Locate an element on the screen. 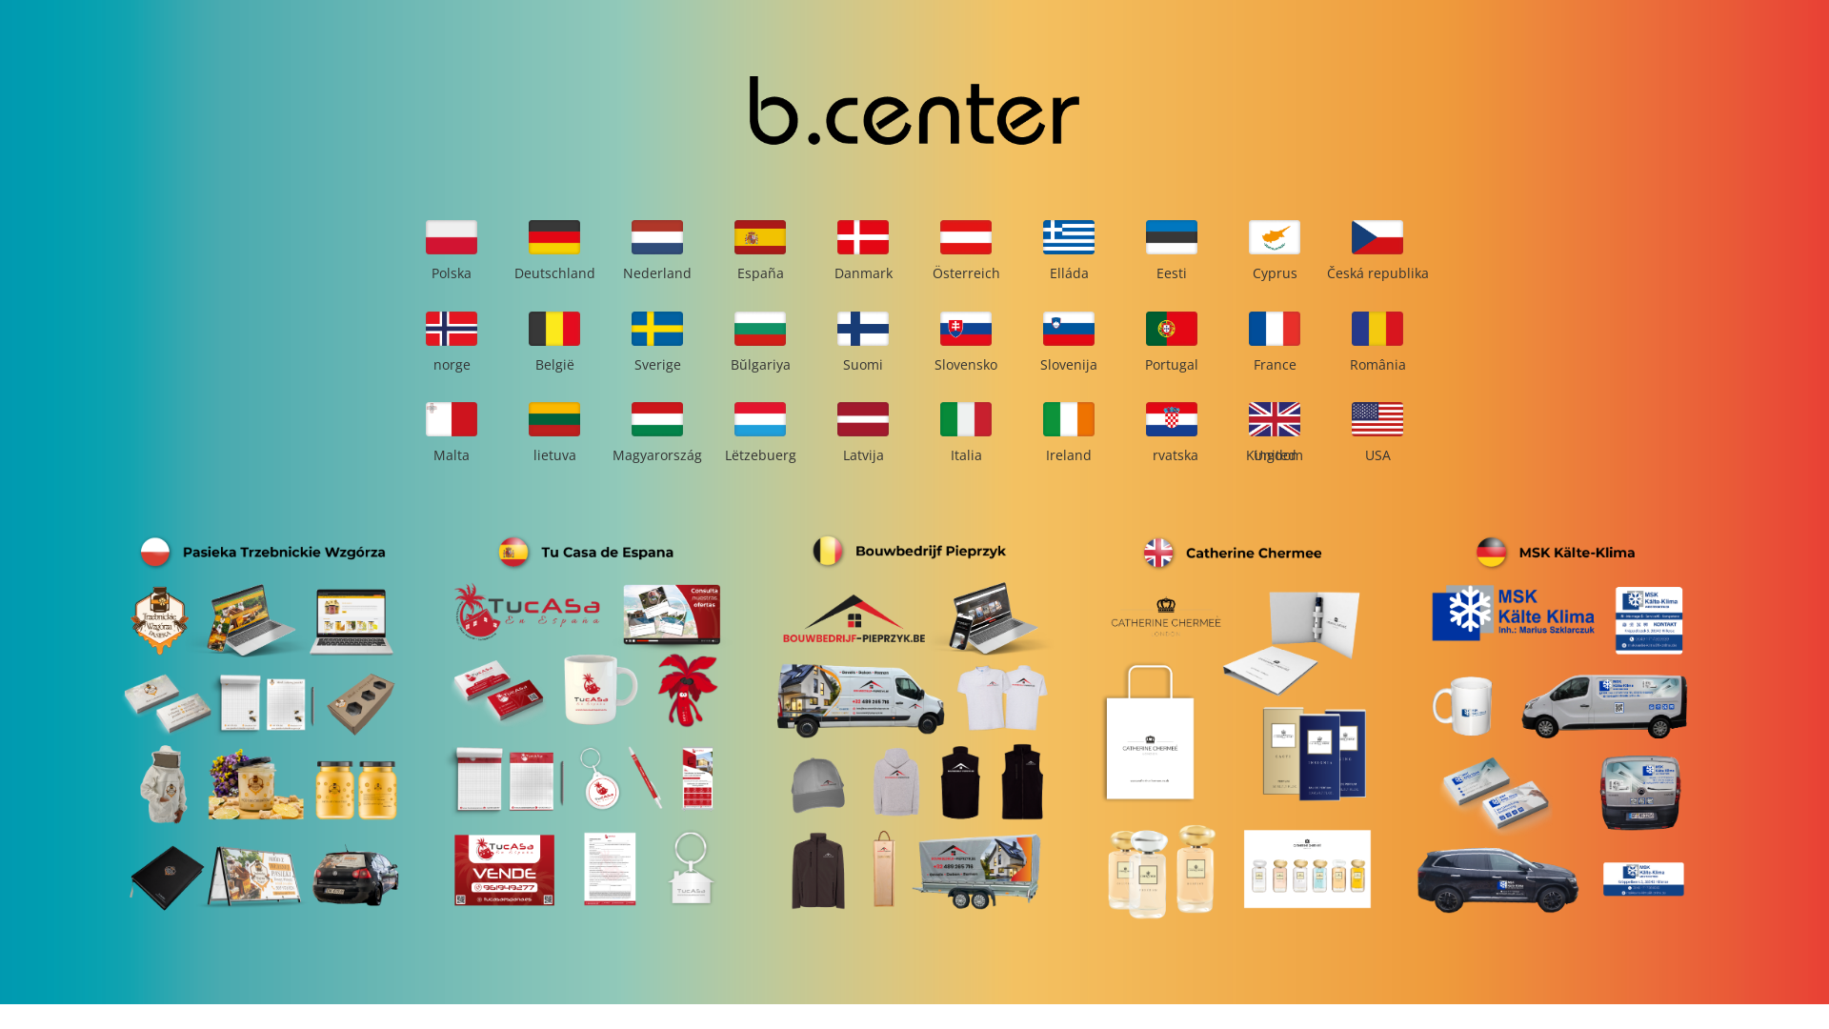  'trzebnickie_wzgorza_pasieka_1' is located at coordinates (262, 726).